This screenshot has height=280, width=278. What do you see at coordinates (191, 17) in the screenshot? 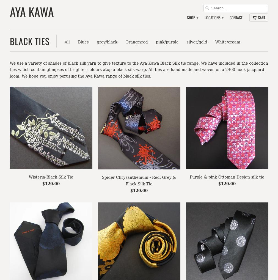
I see `'Shop'` at bounding box center [191, 17].